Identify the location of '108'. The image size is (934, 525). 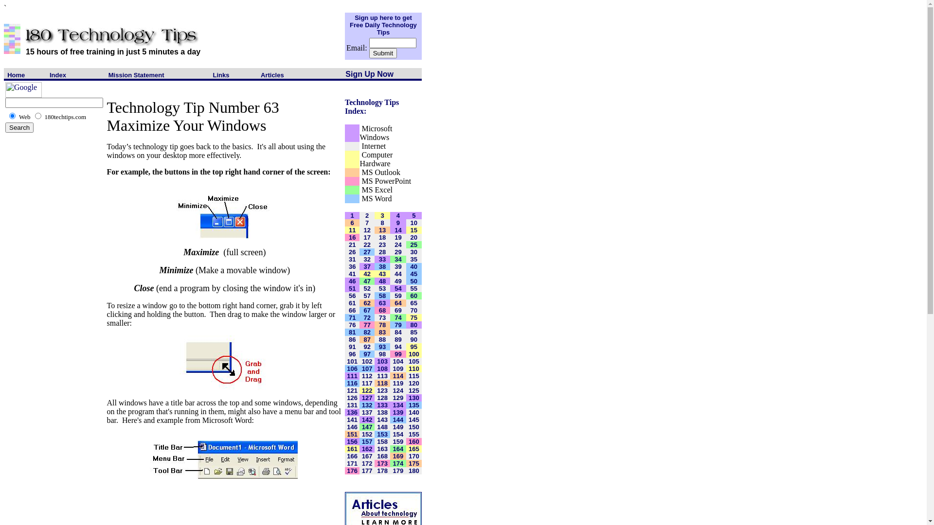
(382, 368).